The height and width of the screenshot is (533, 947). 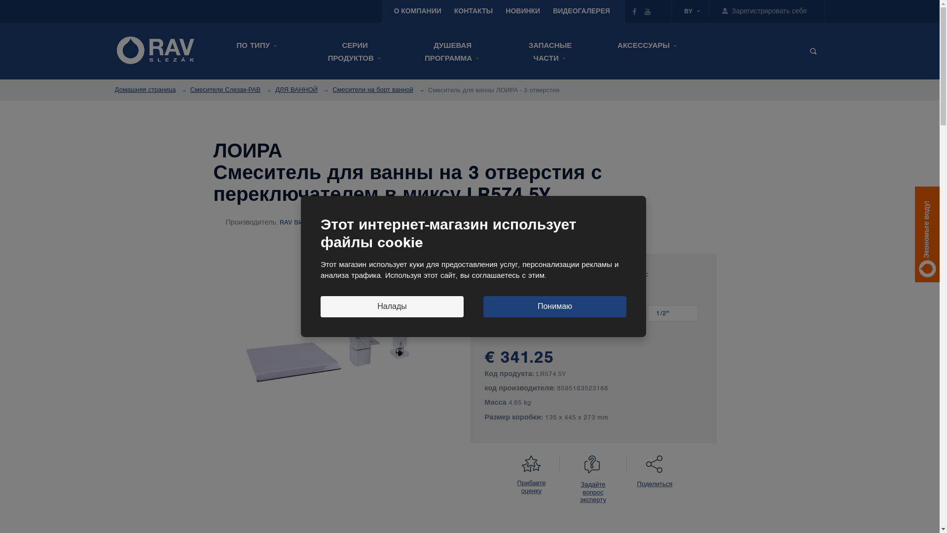 I want to click on 'Facebook', so click(x=634, y=11).